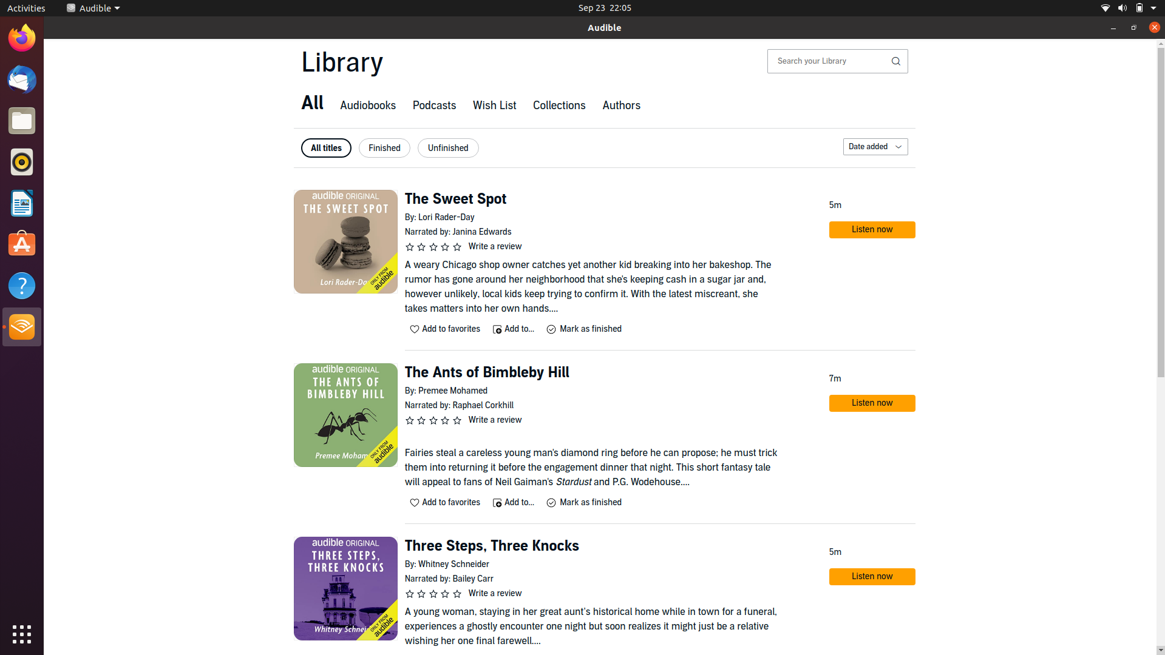  Describe the element at coordinates (828, 61) in the screenshot. I see `Search for "The 7 Habits of Highly Effective People` at that location.